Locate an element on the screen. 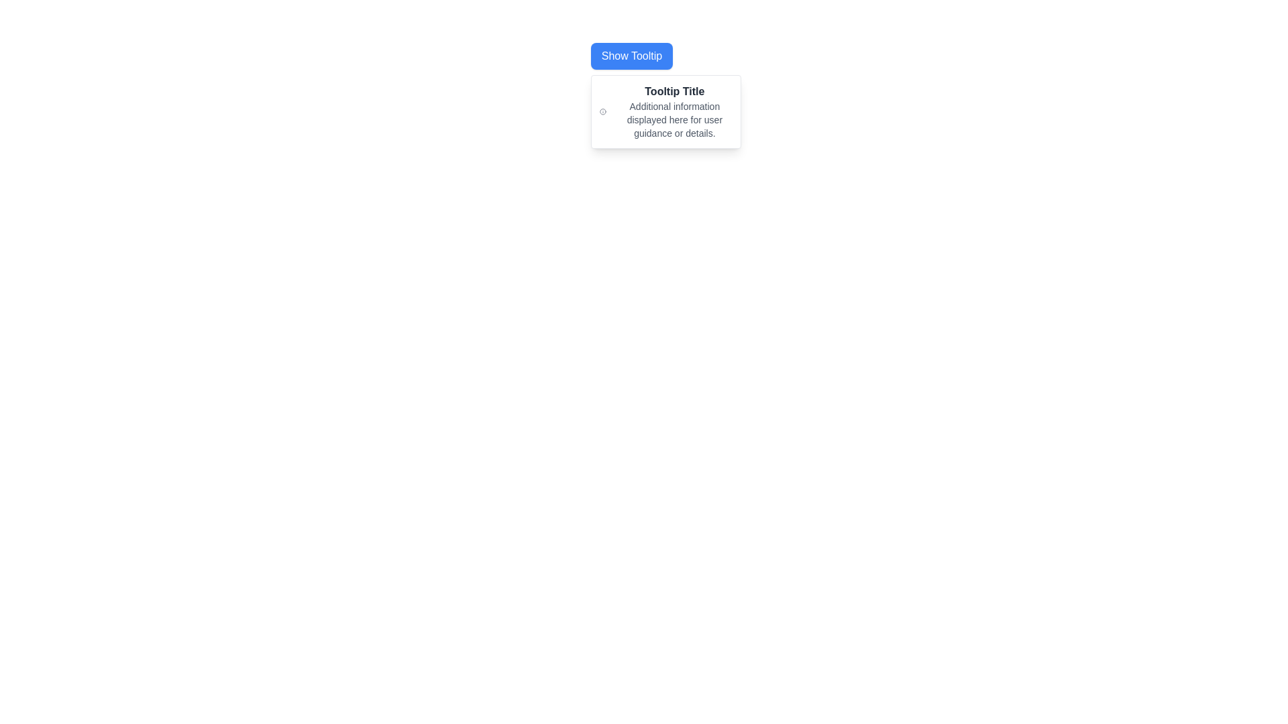  tooltip information displayed below the 'Show Tooltip' button, which provides additional guidance to the user is located at coordinates (674, 111).